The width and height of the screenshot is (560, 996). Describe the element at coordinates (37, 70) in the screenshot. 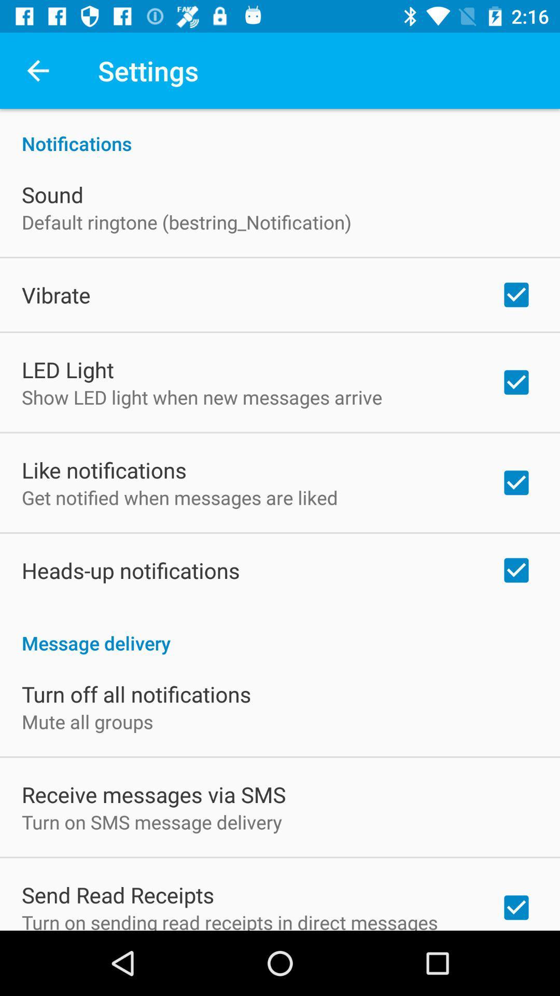

I see `icon above notifications item` at that location.